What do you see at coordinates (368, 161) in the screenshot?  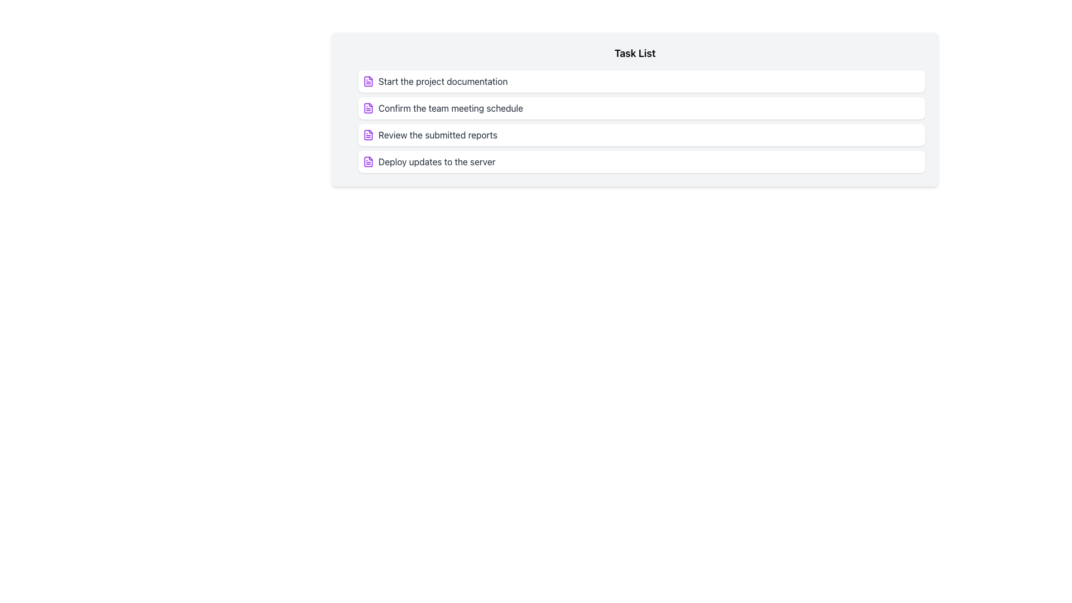 I see `the file-related SVG icon located in the fourth task entry labeled 'Deploy updates to the server', positioned to the left of the task label` at bounding box center [368, 161].